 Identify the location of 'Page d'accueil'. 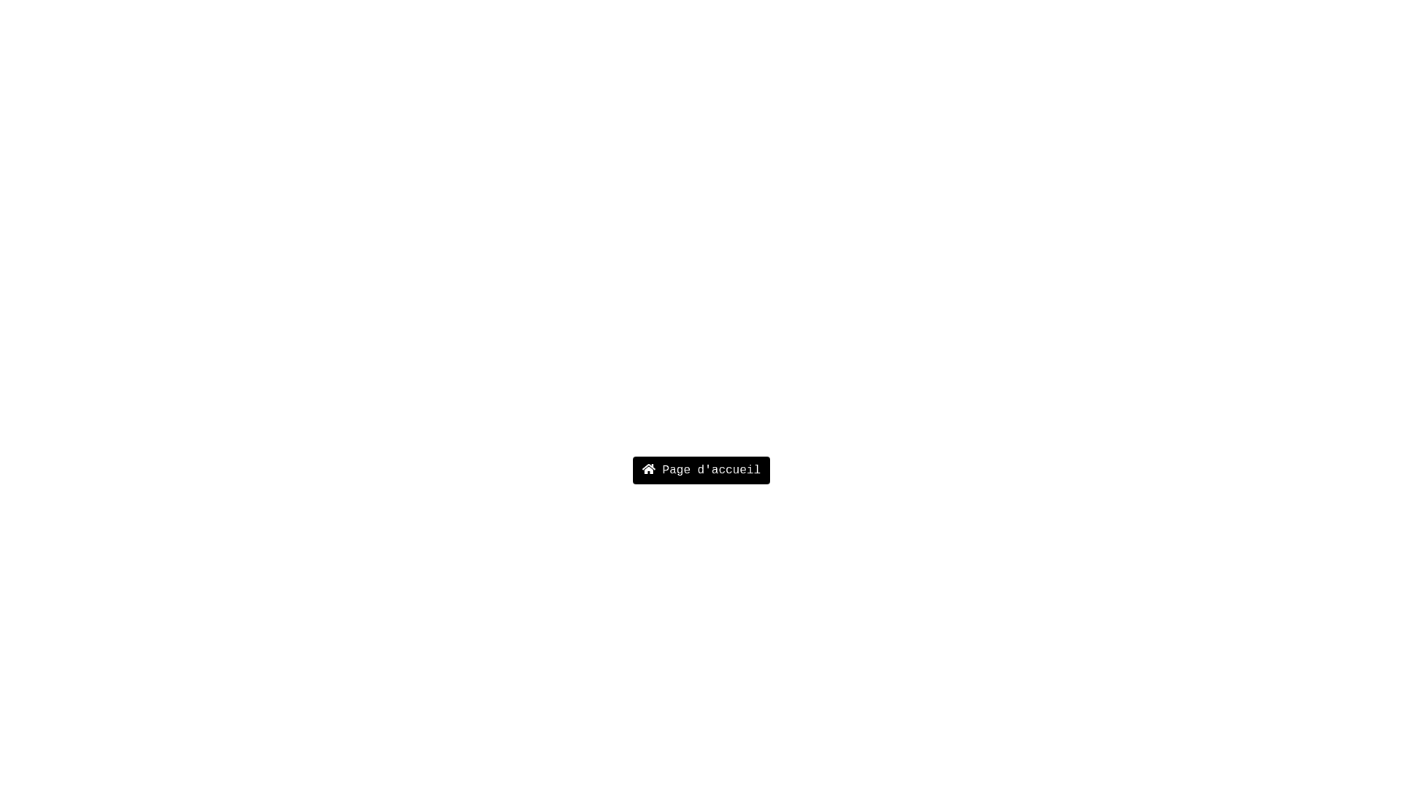
(701, 470).